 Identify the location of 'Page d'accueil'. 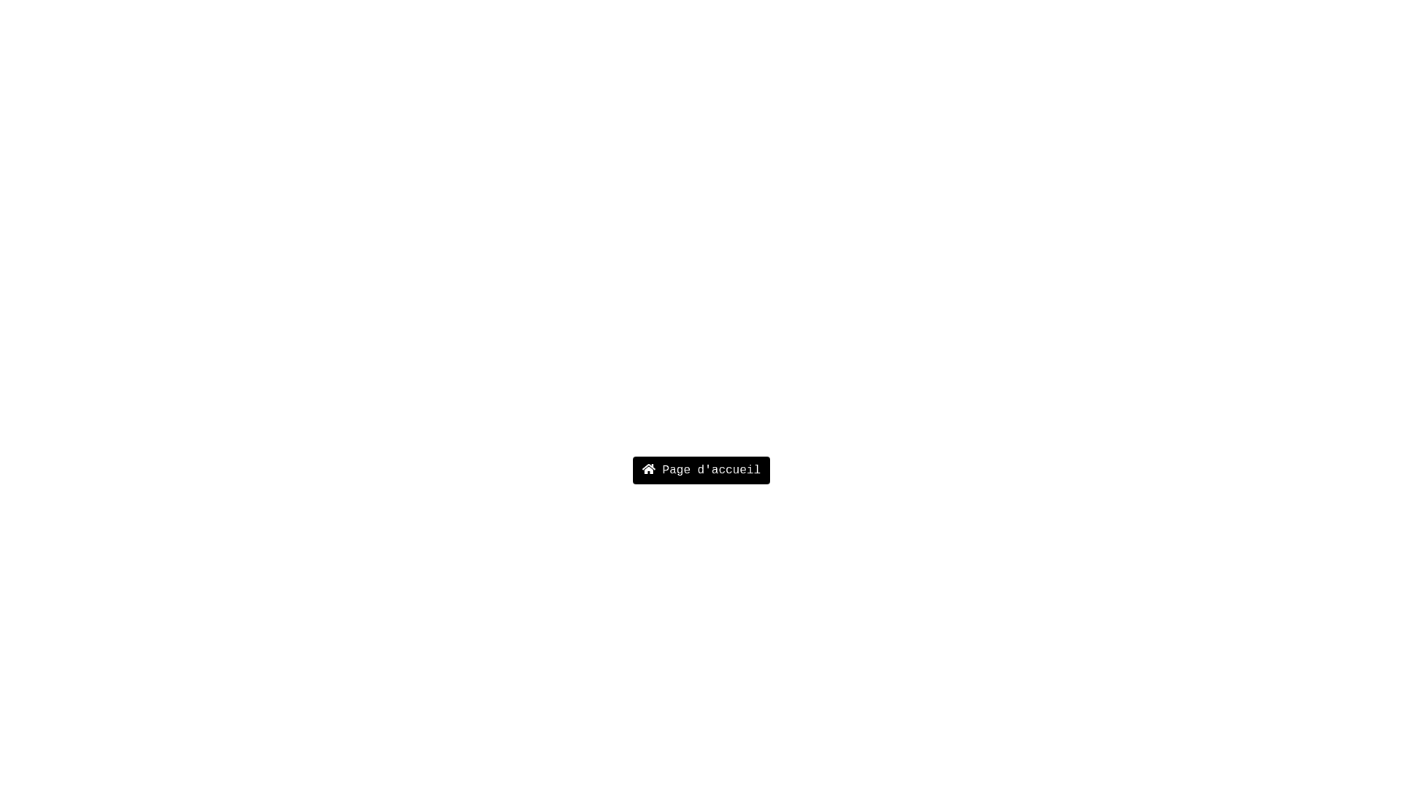
(701, 470).